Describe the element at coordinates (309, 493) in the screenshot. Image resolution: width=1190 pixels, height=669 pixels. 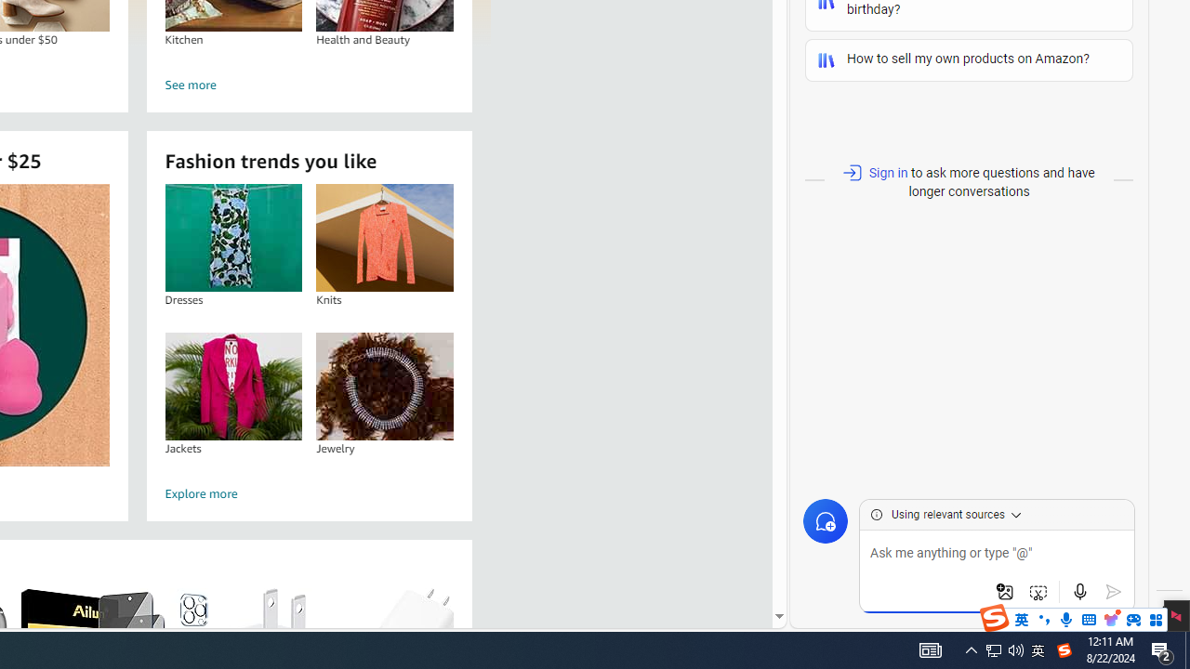
I see `'Explore more'` at that location.